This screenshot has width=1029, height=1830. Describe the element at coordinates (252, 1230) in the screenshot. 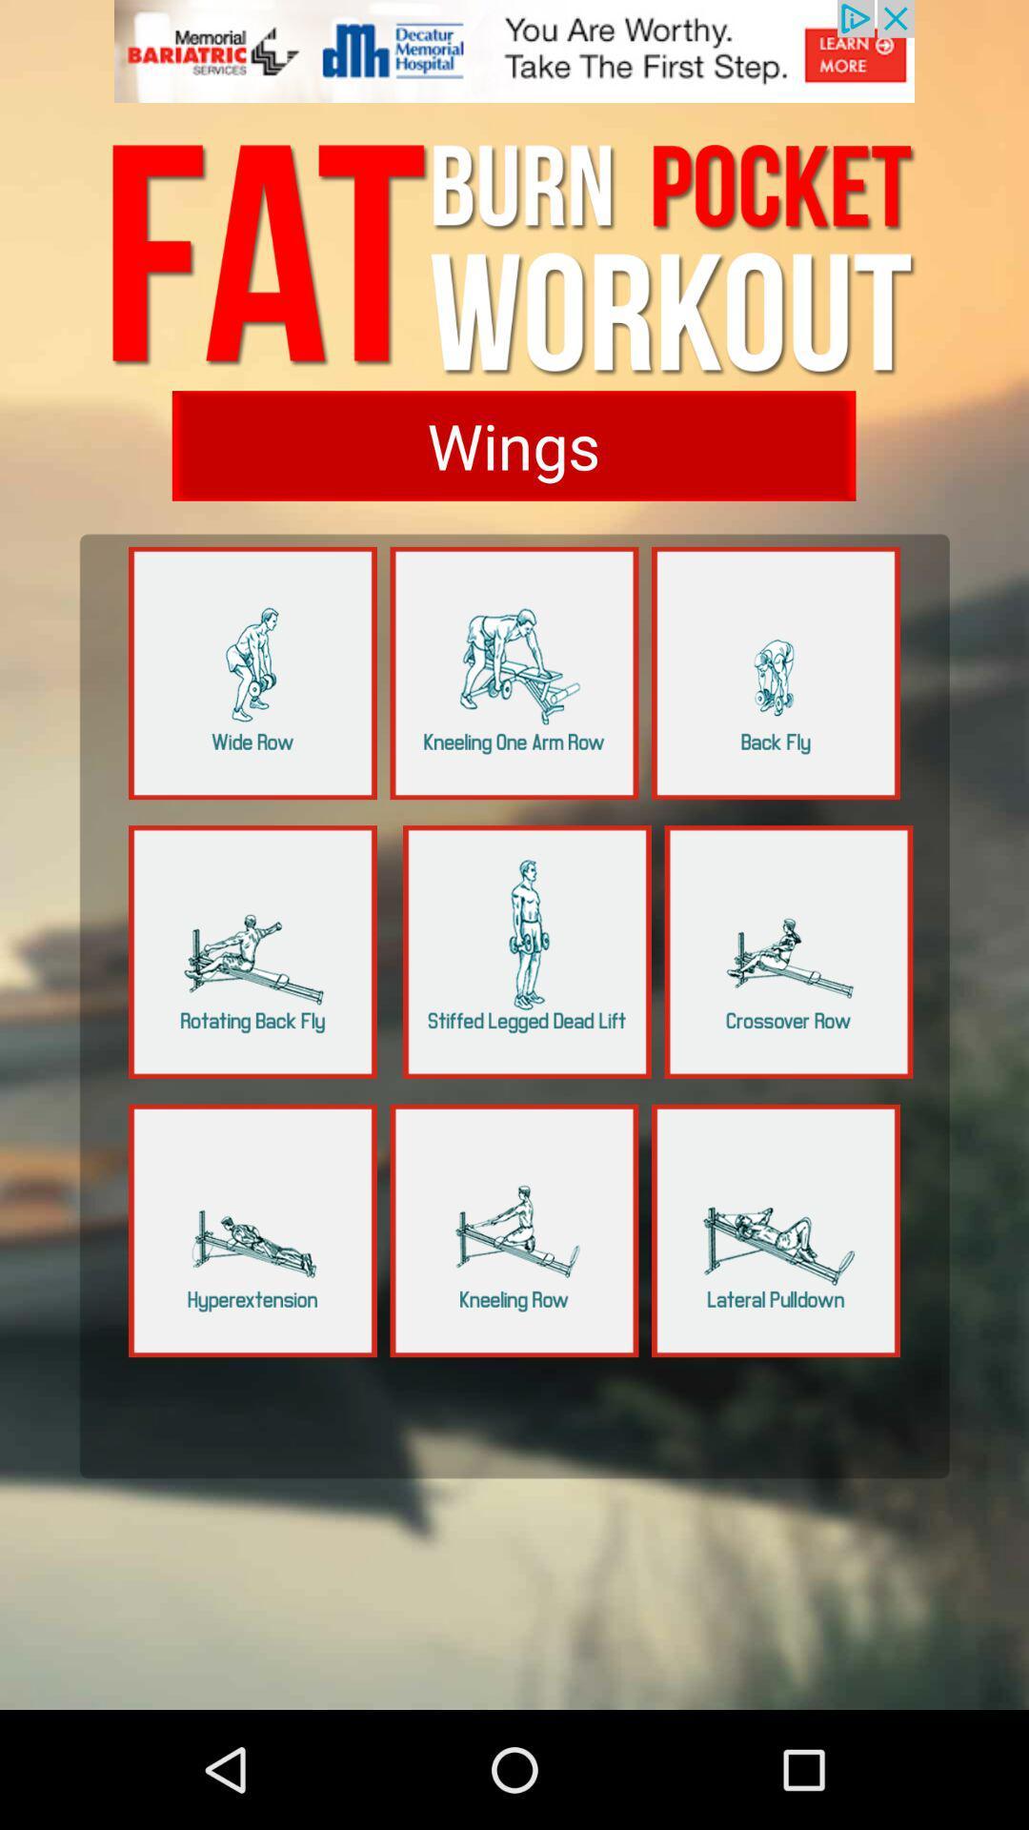

I see `choose hypertension exercise` at that location.